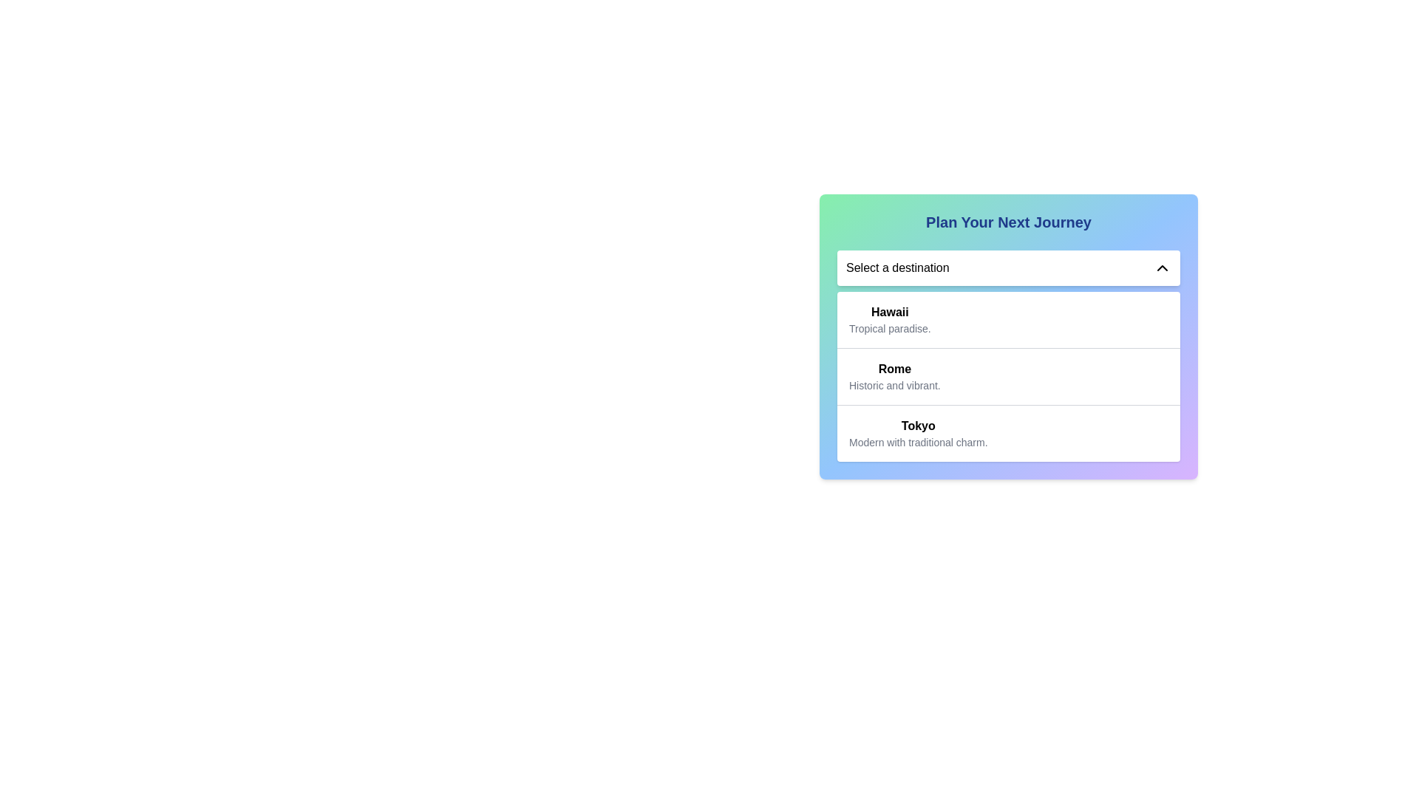 The height and width of the screenshot is (798, 1419). What do you see at coordinates (1007, 375) in the screenshot?
I see `the second list item labeled 'Rome' in the drop-down list that appears below the 'Select a destination' field` at bounding box center [1007, 375].